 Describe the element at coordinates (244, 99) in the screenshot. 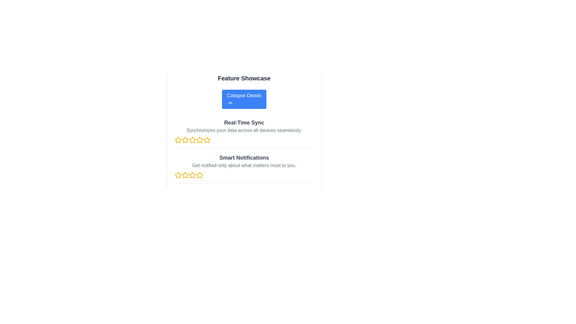

I see `button labeled 'Collapse Details' to toggle the visibility of the details` at that location.